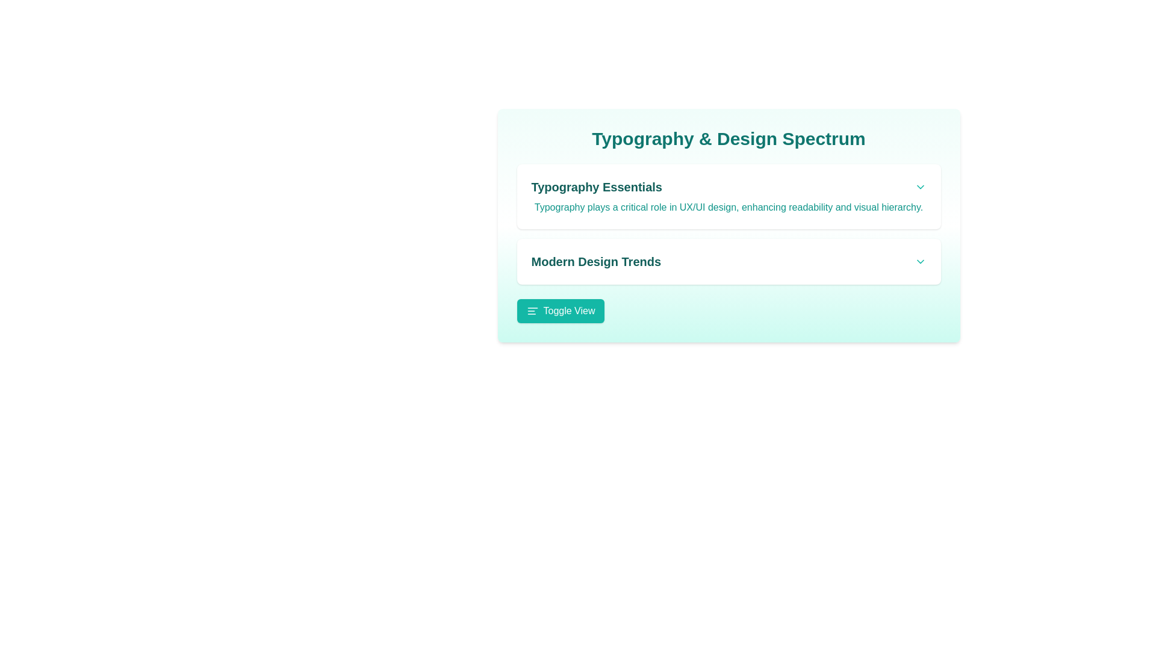 This screenshot has width=1156, height=650. I want to click on the 'Toggle View' button, which is a teal rectangular button with rounded corners, featuring white text and a layout toggle icon to its left, so click(560, 310).